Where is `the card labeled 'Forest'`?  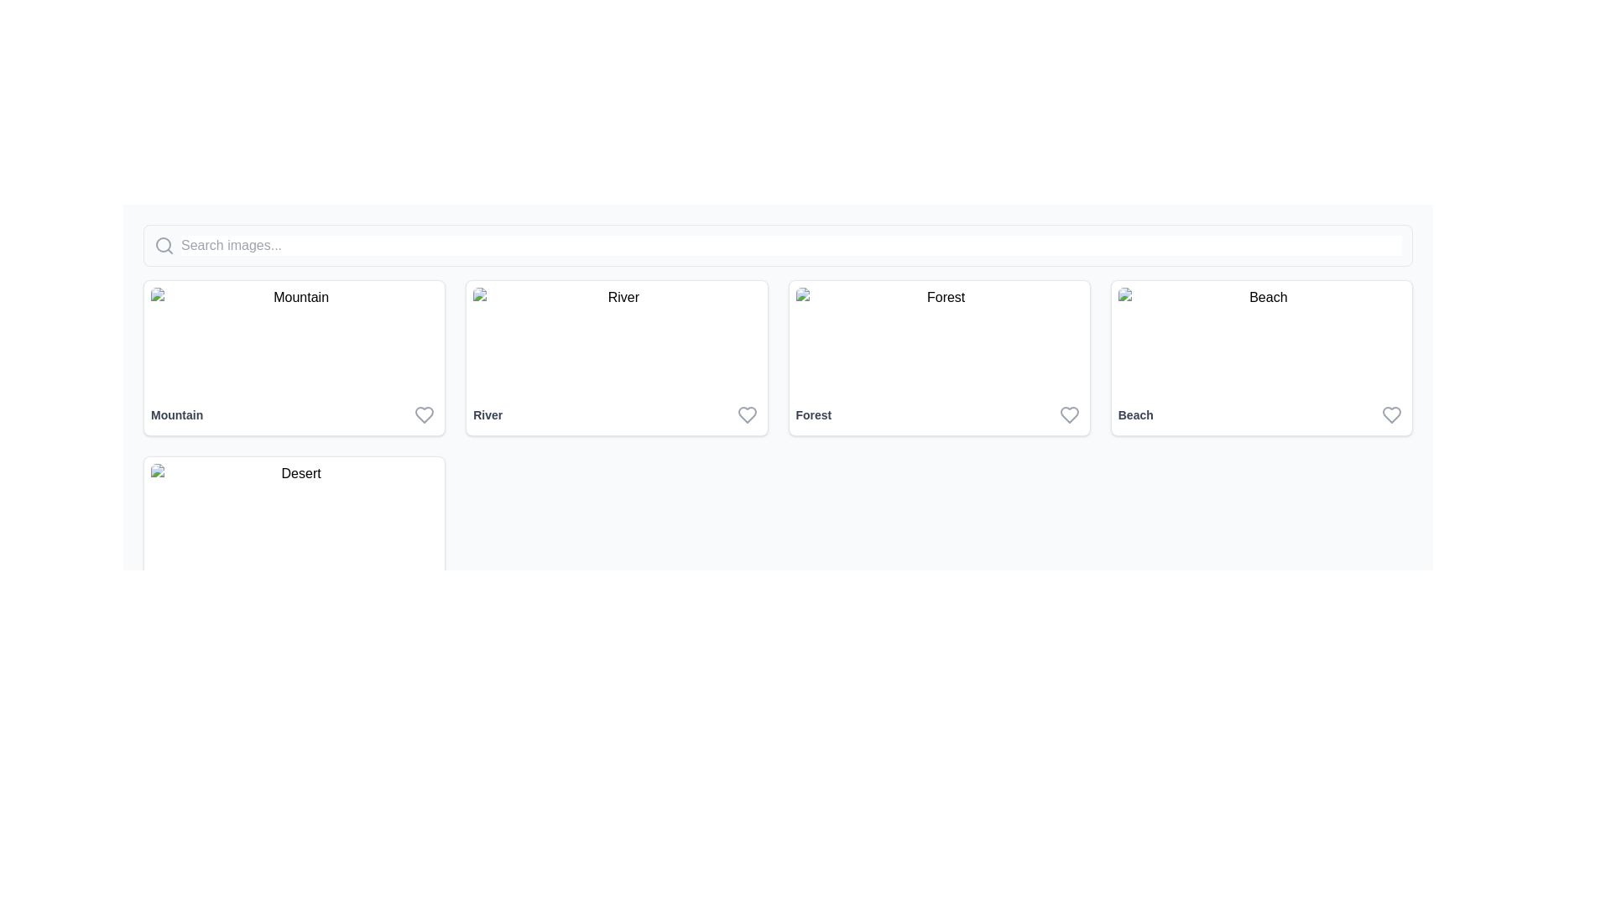
the card labeled 'Forest' is located at coordinates (938, 357).